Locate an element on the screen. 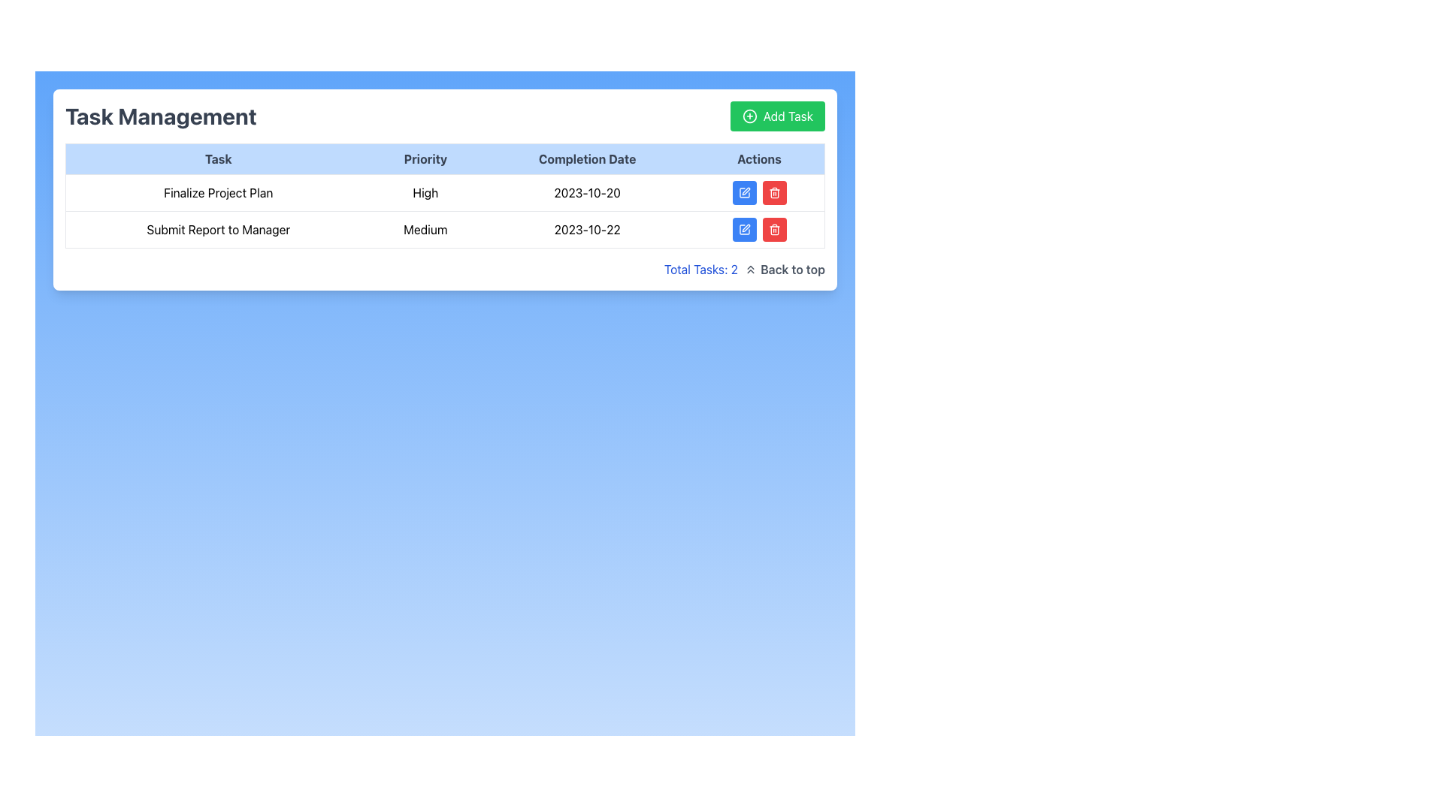  the pen icon is located at coordinates (746, 228).